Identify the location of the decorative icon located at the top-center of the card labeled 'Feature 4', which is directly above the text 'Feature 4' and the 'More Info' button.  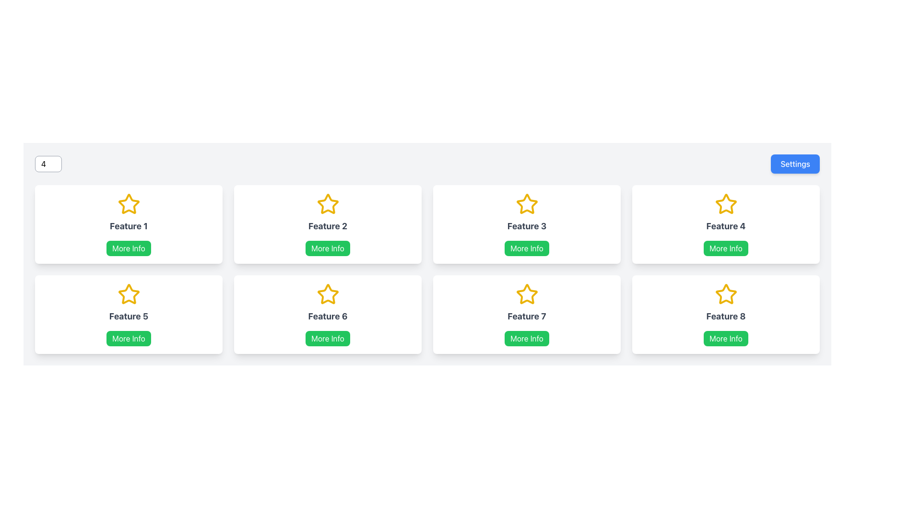
(726, 203).